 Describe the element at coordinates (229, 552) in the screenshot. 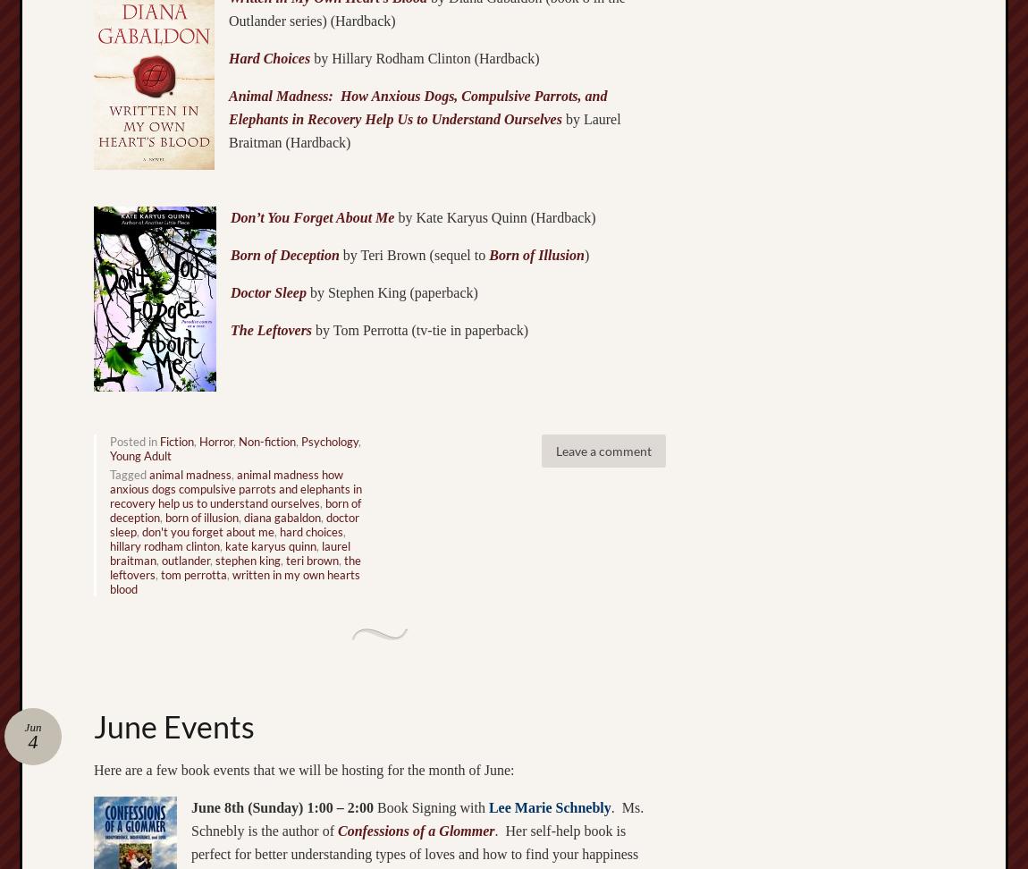

I see `'laurel braitman'` at that location.